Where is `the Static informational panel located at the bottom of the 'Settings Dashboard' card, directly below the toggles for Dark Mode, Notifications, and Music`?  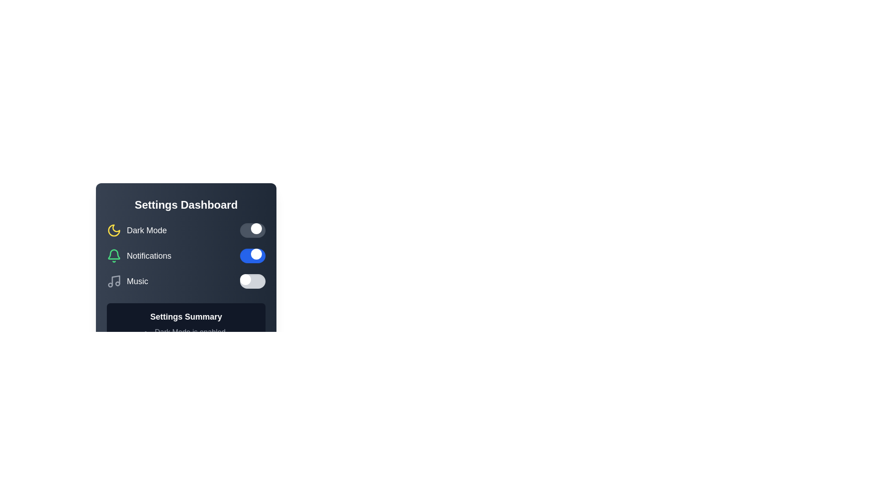 the Static informational panel located at the bottom of the 'Settings Dashboard' card, directly below the toggles for Dark Mode, Notifications, and Music is located at coordinates (186, 335).